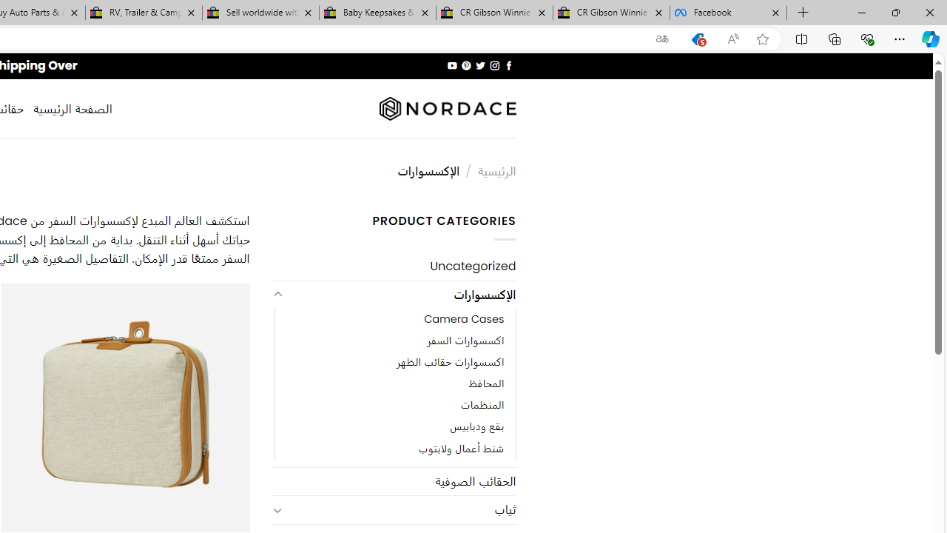 The height and width of the screenshot is (533, 947). Describe the element at coordinates (866, 38) in the screenshot. I see `'Browser essentials'` at that location.